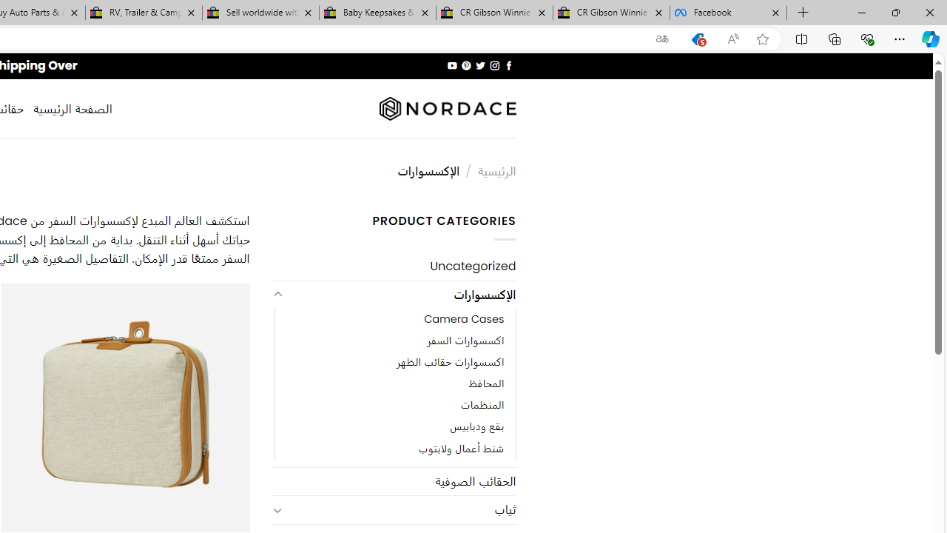 The height and width of the screenshot is (533, 947). Describe the element at coordinates (866, 38) in the screenshot. I see `'Browser essentials'` at that location.